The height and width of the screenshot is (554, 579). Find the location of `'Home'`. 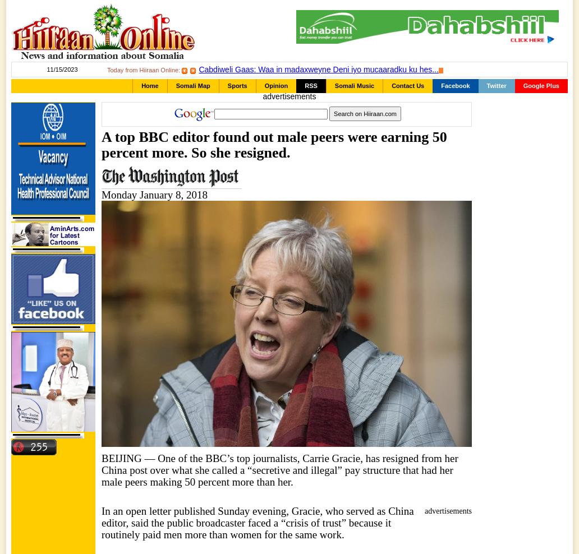

'Home' is located at coordinates (141, 85).